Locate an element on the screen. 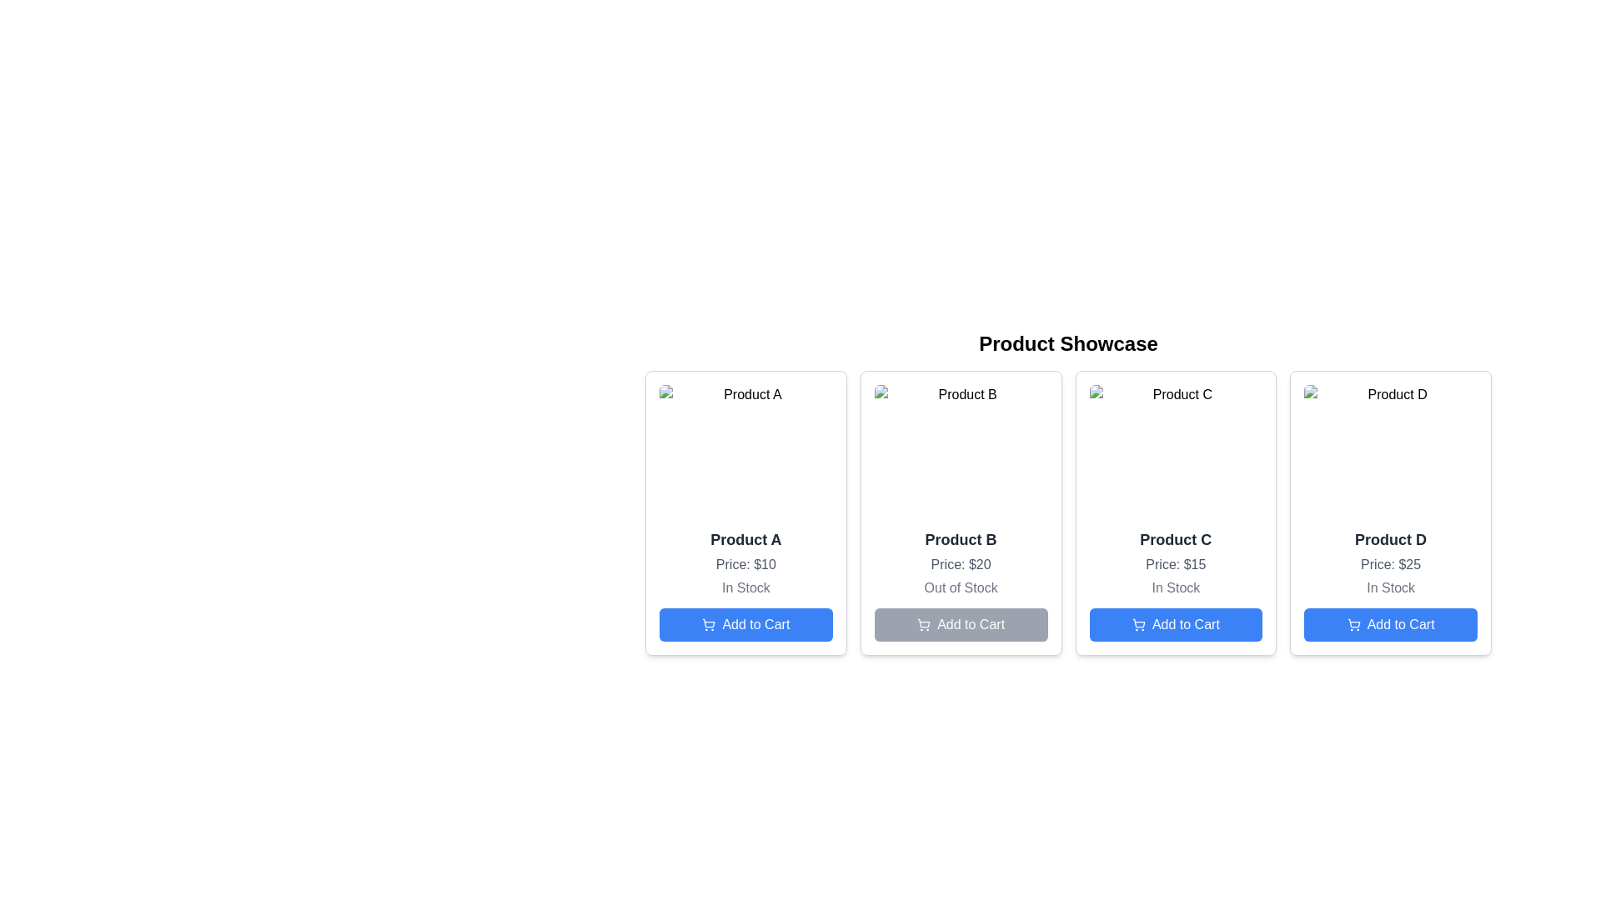 Image resolution: width=1601 pixels, height=900 pixels. the product display card located at the far right of the grid layout is located at coordinates (1391, 512).